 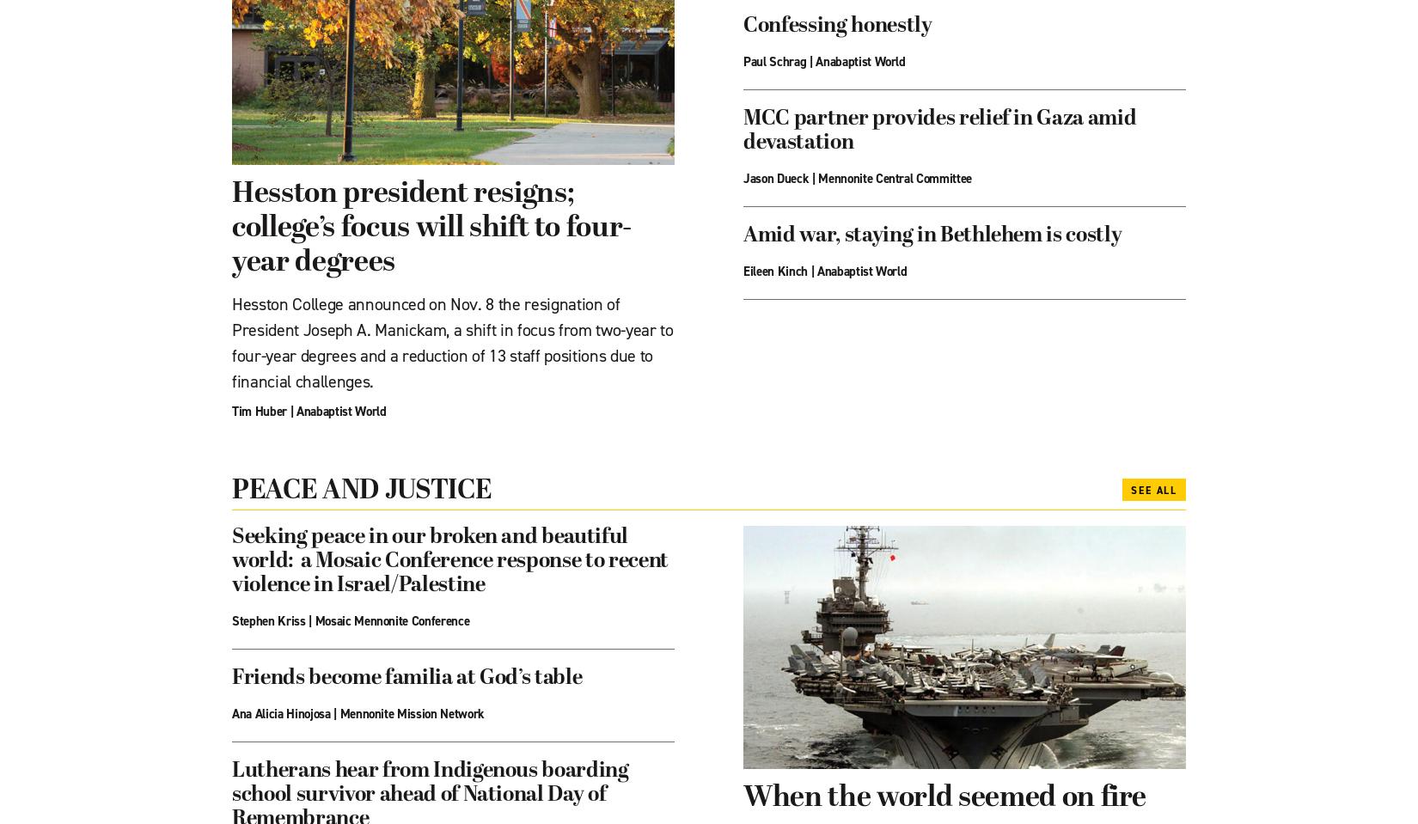 I want to click on 'Hesston president resigns; college’s focus will shift to four-year degrees', so click(x=431, y=229).